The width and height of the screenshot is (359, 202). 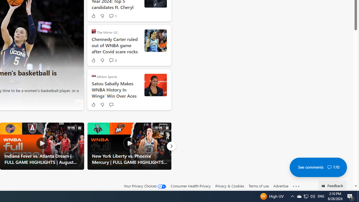 I want to click on 'The Mirror US', so click(x=94, y=31).